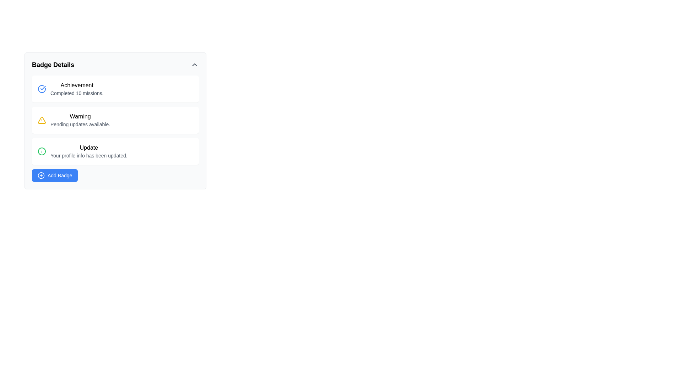  I want to click on the 'Update' text label displayed in bold black font within the 'Badge Details' panel, which is located above the text 'Your profile info has been updated.', so click(88, 147).